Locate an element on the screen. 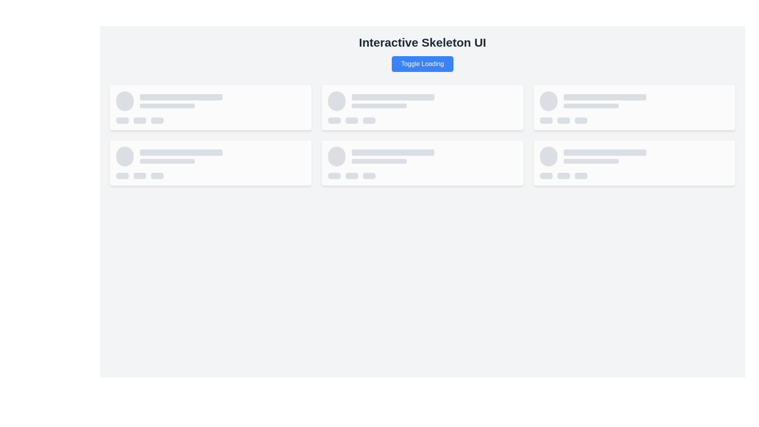  the Placeholder component, which consists of two horizontally aligned gray bars with rounded edges located in the top-right card area of the interface is located at coordinates (646, 100).